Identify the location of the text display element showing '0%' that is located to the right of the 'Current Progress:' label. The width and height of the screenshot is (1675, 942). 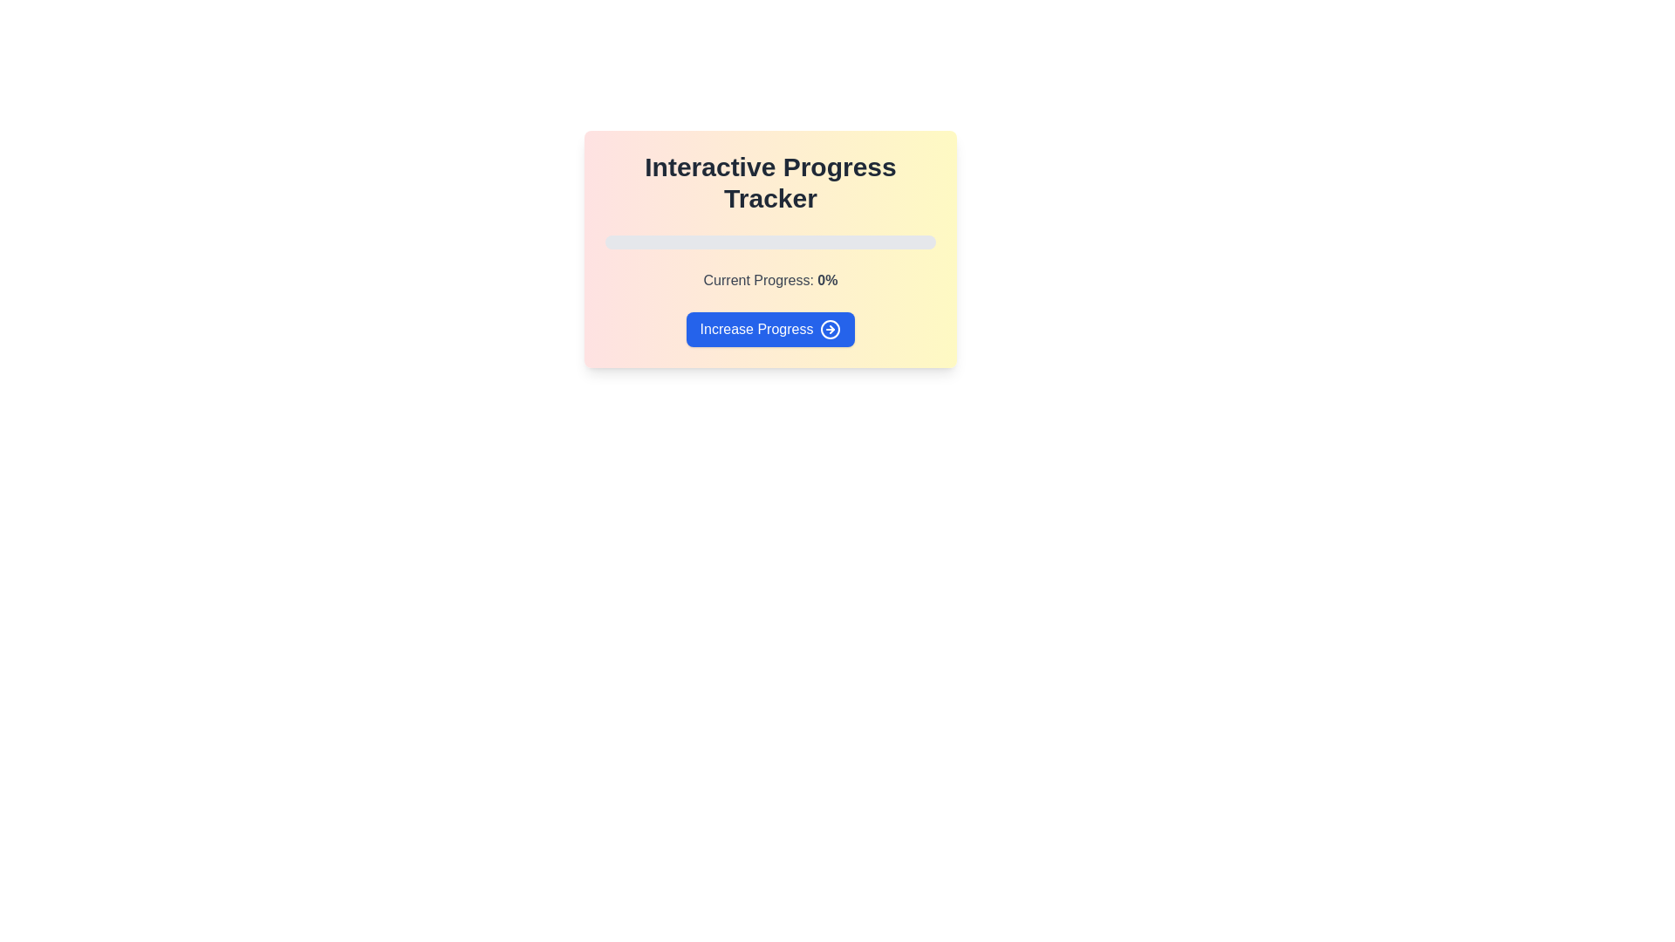
(826, 279).